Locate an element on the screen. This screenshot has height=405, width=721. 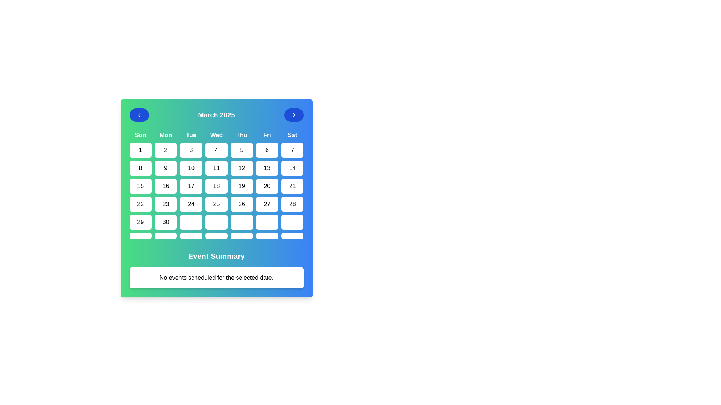
the button that allows users to select the 14th day of the month in the calendar interface is located at coordinates (292, 168).